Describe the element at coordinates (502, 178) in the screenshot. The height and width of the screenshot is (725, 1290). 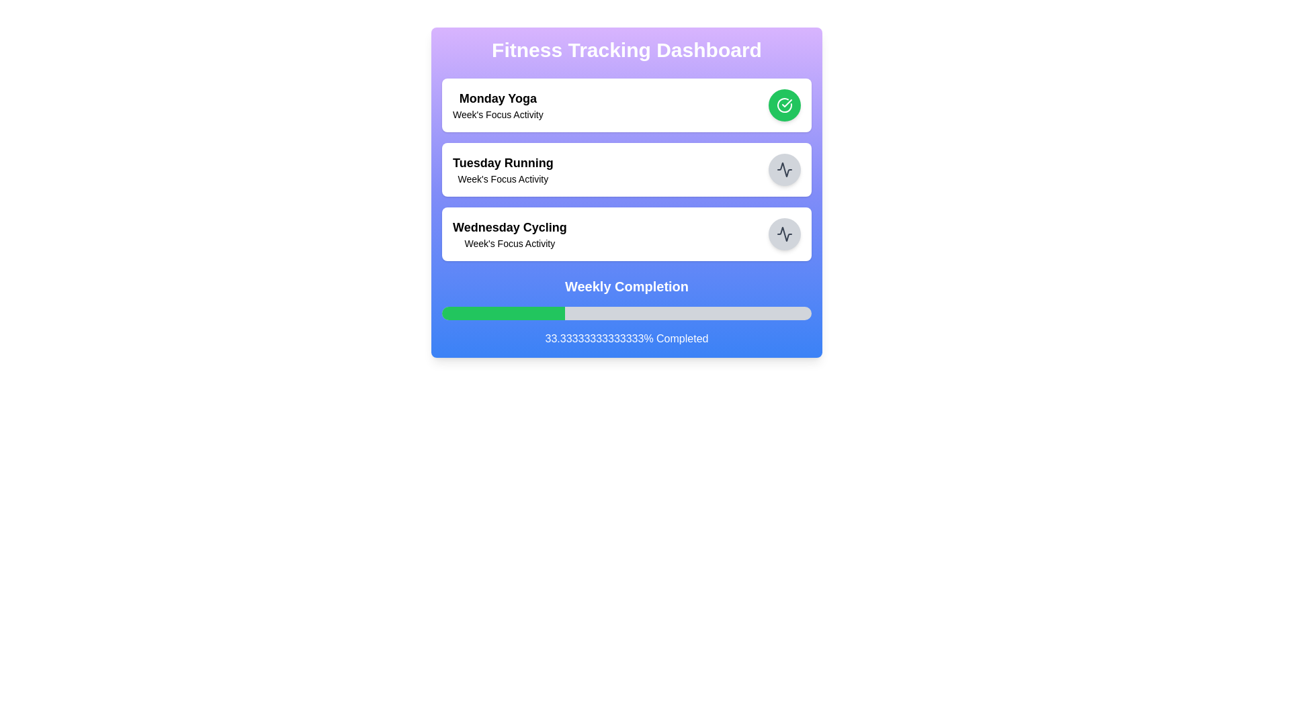
I see `the descriptive text label located under the 'Tuesday Running' title in the second card of the vertically stacked layout` at that location.